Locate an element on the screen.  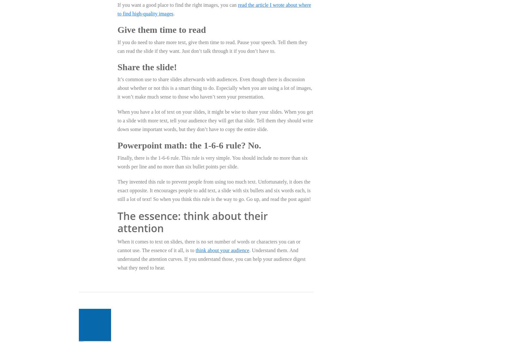
'read the article I wrote about where to find high-quality images' is located at coordinates (214, 9).